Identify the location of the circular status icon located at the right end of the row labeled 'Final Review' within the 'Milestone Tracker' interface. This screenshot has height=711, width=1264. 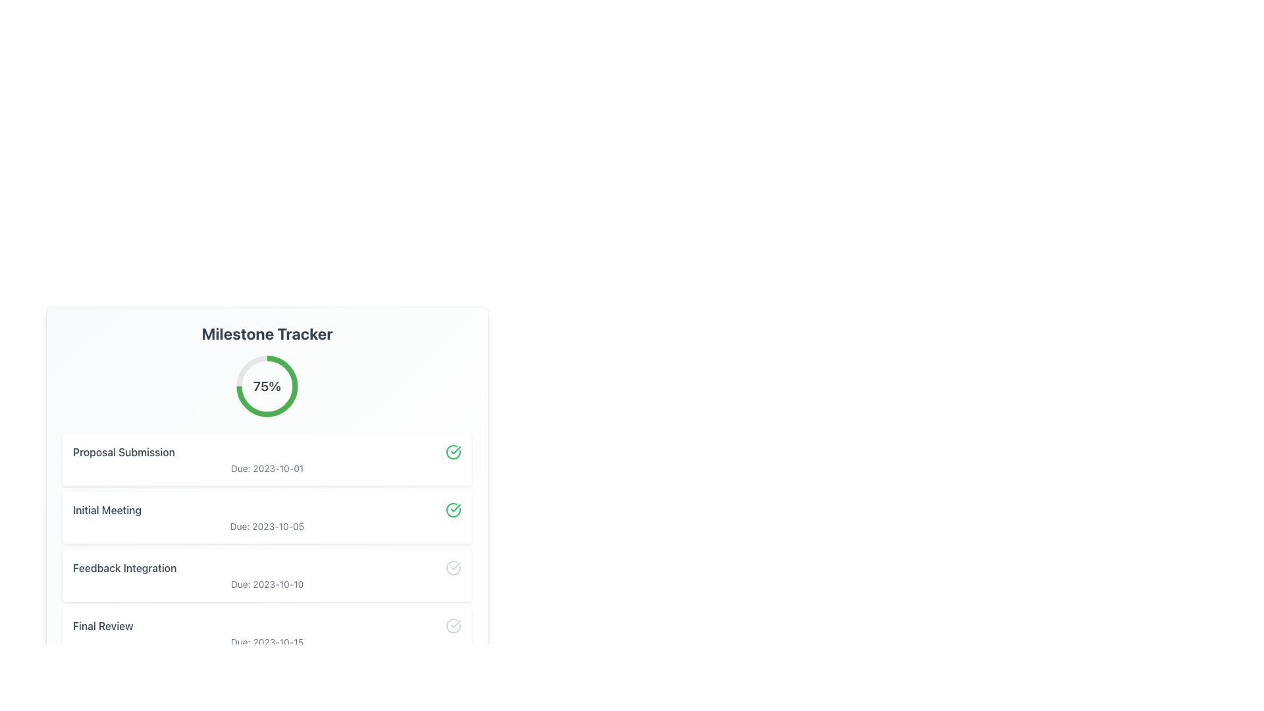
(454, 625).